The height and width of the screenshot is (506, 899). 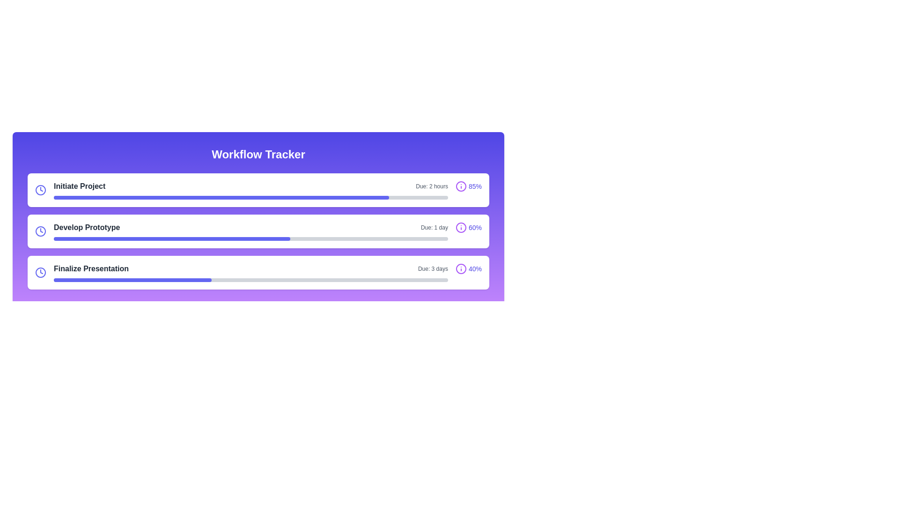 I want to click on the SVG circle component representing the clock face, which is centrally located within the clock icon adjacent to the text 'Develop Prototype' in the progress tracker interface, so click(x=40, y=231).